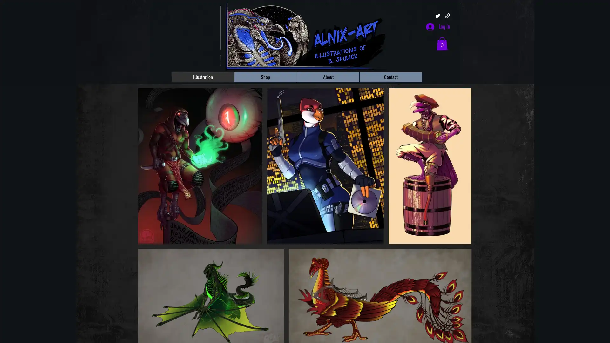  Describe the element at coordinates (442, 43) in the screenshot. I see `Cart with 0 items` at that location.